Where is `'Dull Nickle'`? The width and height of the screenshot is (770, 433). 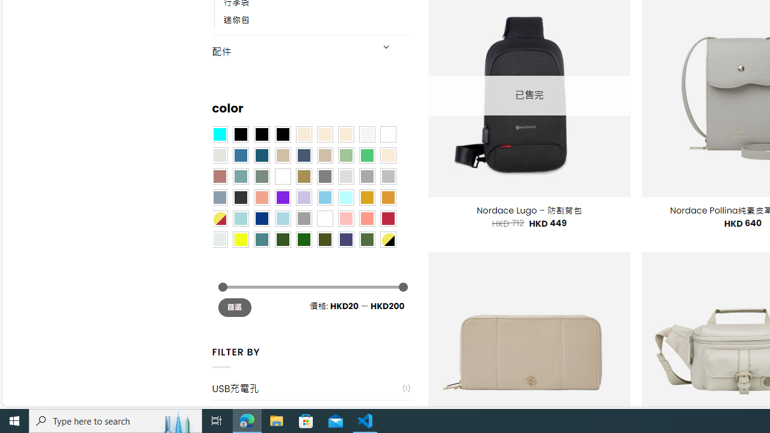 'Dull Nickle' is located at coordinates (219, 239).